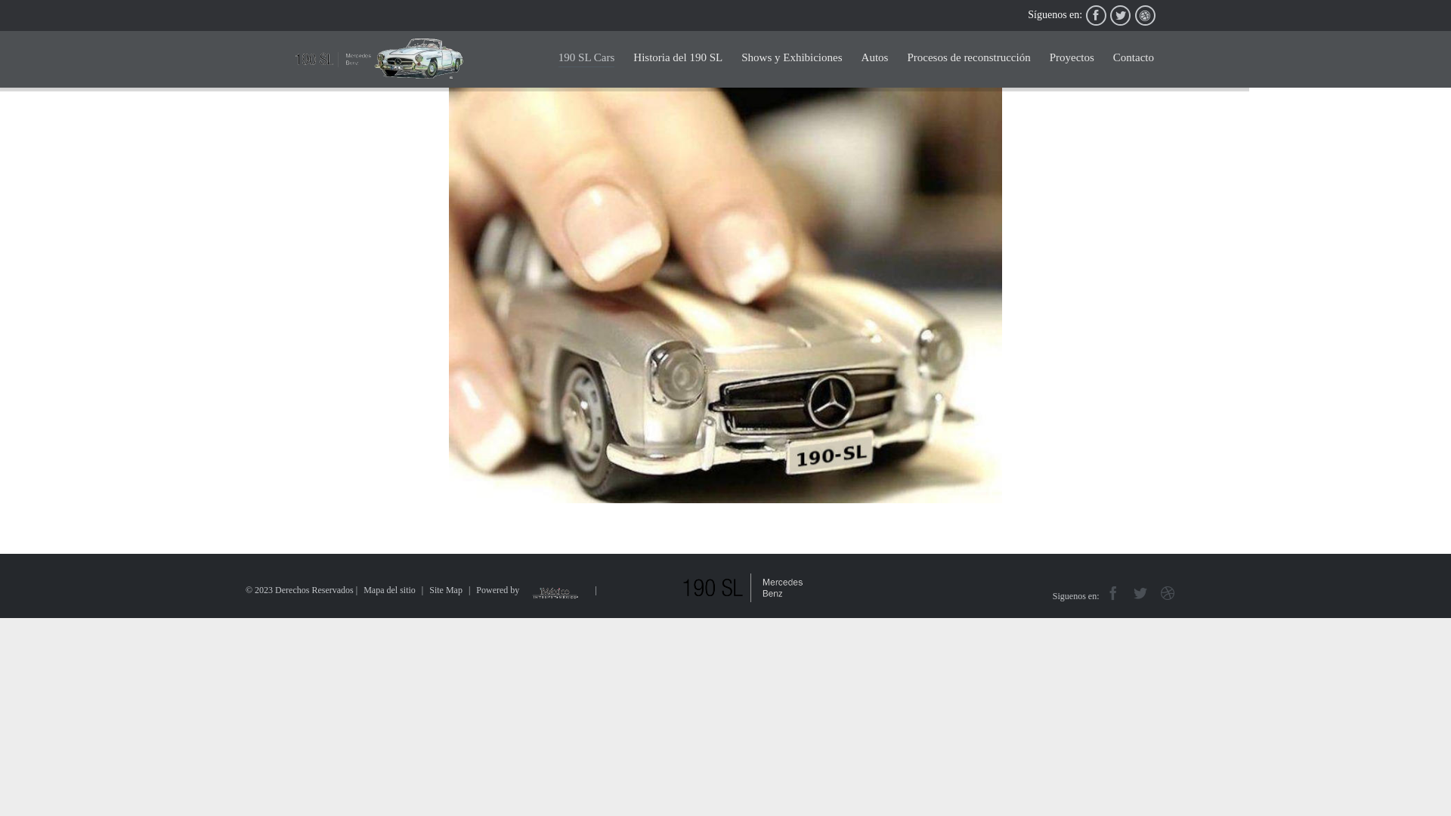 The height and width of the screenshot is (816, 1451). I want to click on 'Mercedes Benz 190 SL', so click(294, 58).